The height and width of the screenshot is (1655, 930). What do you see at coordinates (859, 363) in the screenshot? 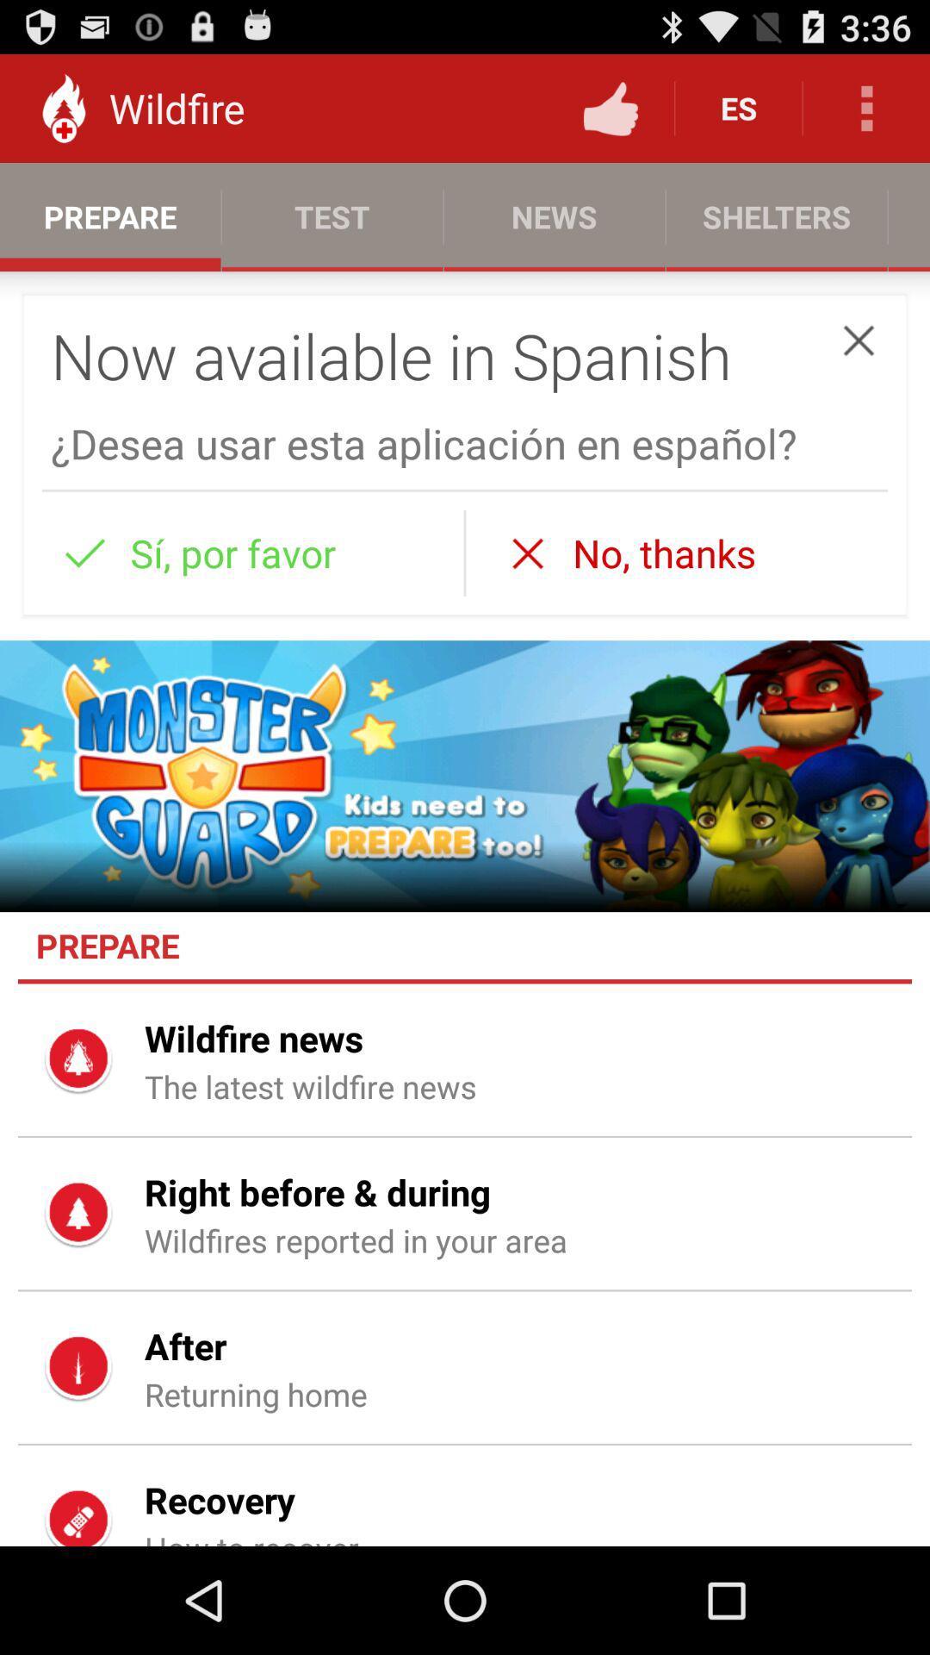
I see `the close icon` at bounding box center [859, 363].